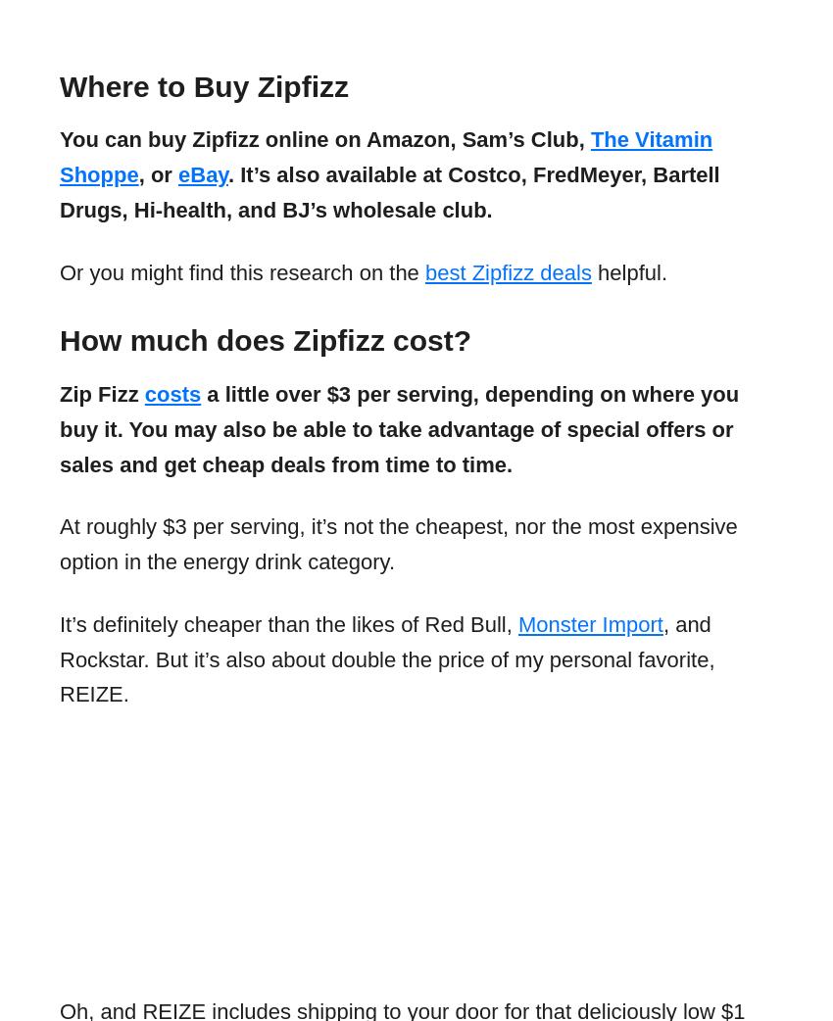 The height and width of the screenshot is (1021, 833). I want to click on 'It’s also available at Costco, FredMeyer, Bartell Drugs, Hi-health, and BJ’s wholesale club.', so click(389, 191).